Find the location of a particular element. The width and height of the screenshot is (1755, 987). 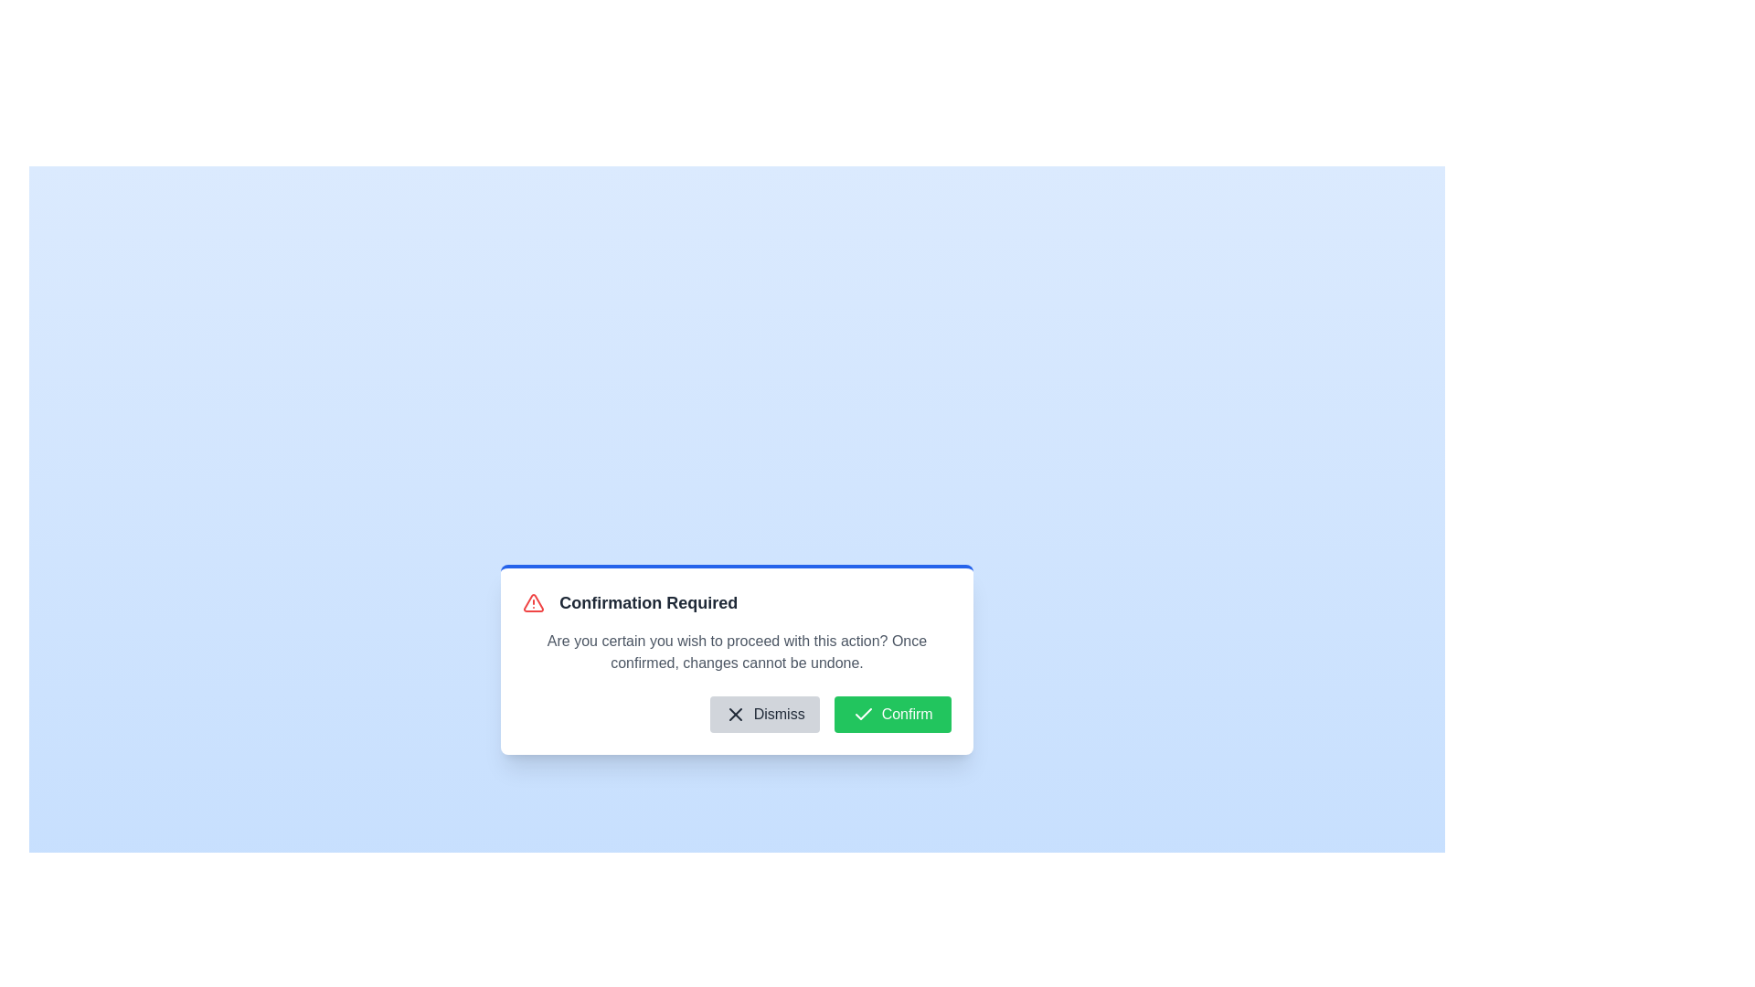

the close icon located near the top-left corner of the dialog box is located at coordinates (735, 714).